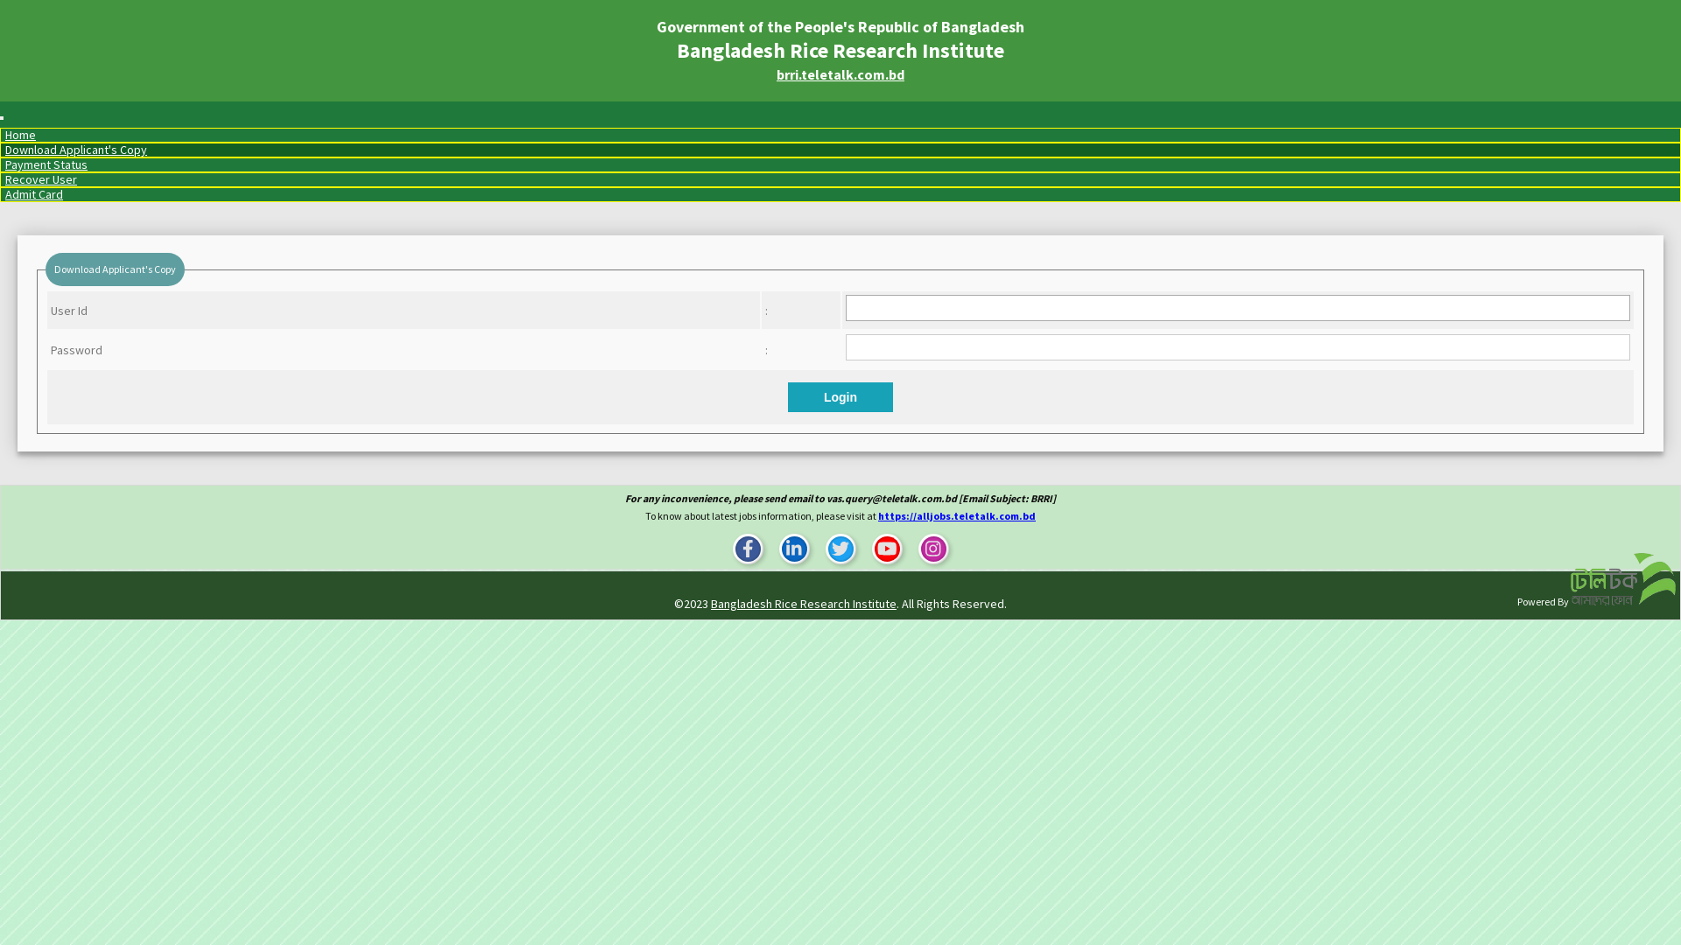 Image resolution: width=1681 pixels, height=945 pixels. What do you see at coordinates (840, 397) in the screenshot?
I see `'Login'` at bounding box center [840, 397].